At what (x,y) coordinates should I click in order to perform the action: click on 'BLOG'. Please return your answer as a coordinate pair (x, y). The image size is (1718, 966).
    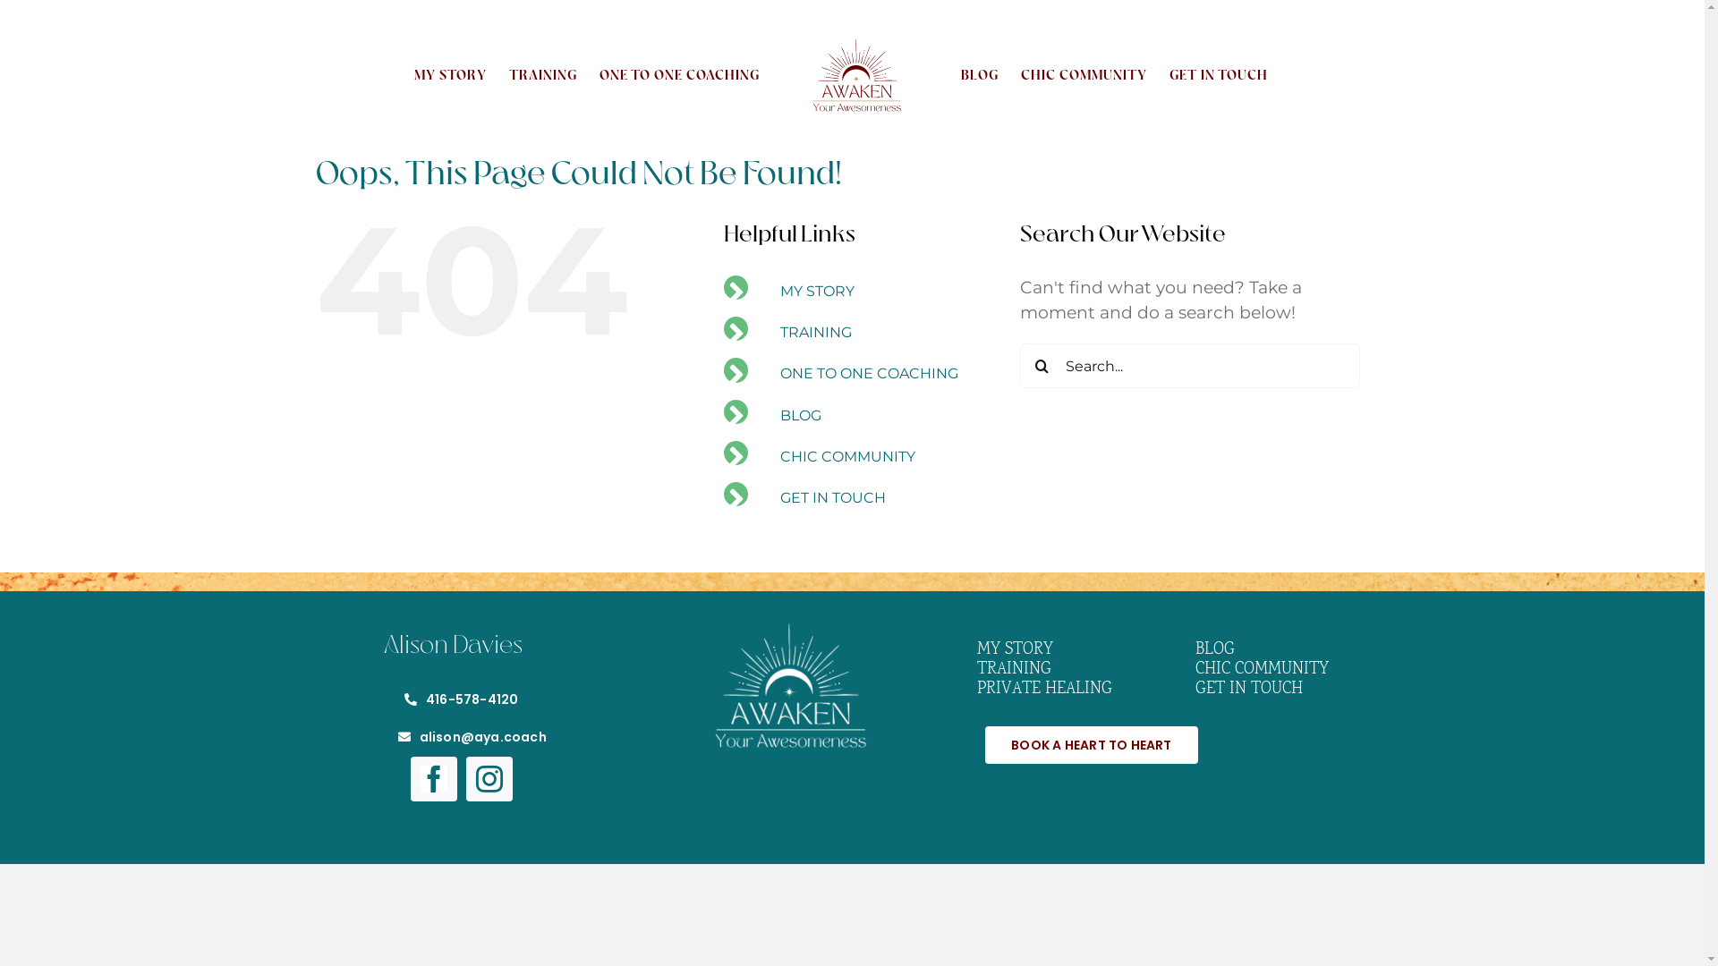
    Looking at the image, I should click on (978, 72).